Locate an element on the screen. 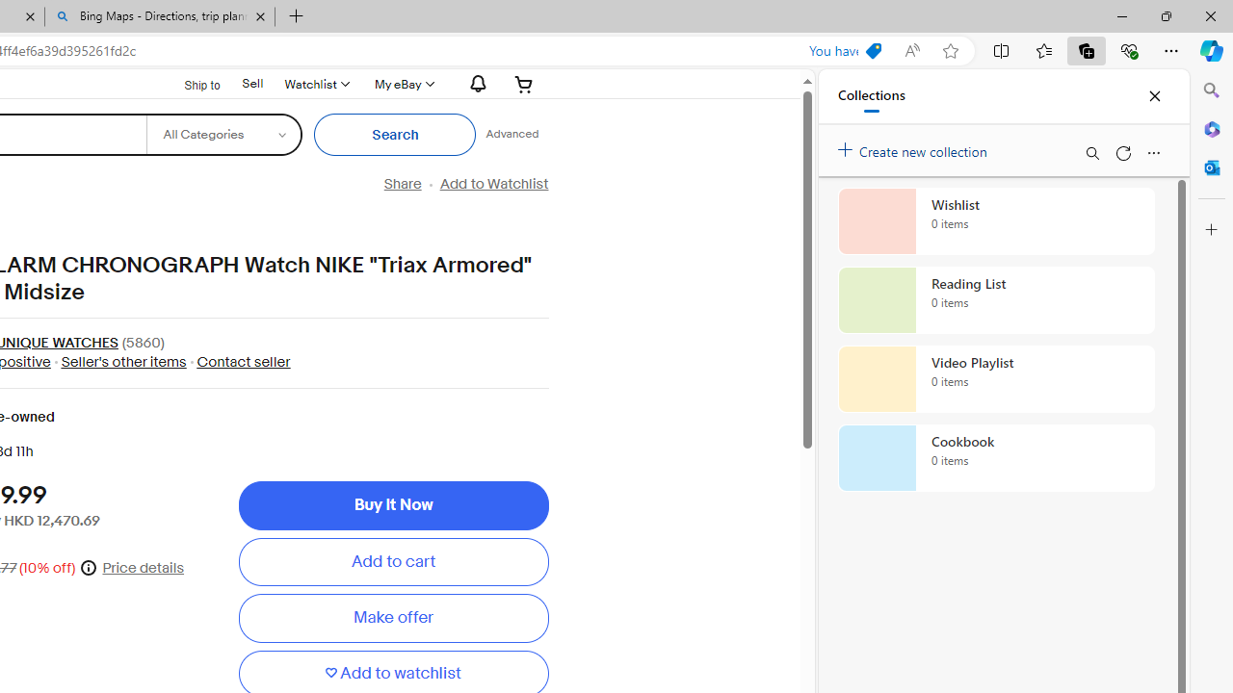 Image resolution: width=1233 pixels, height=693 pixels. 'Sell' is located at coordinates (251, 83).